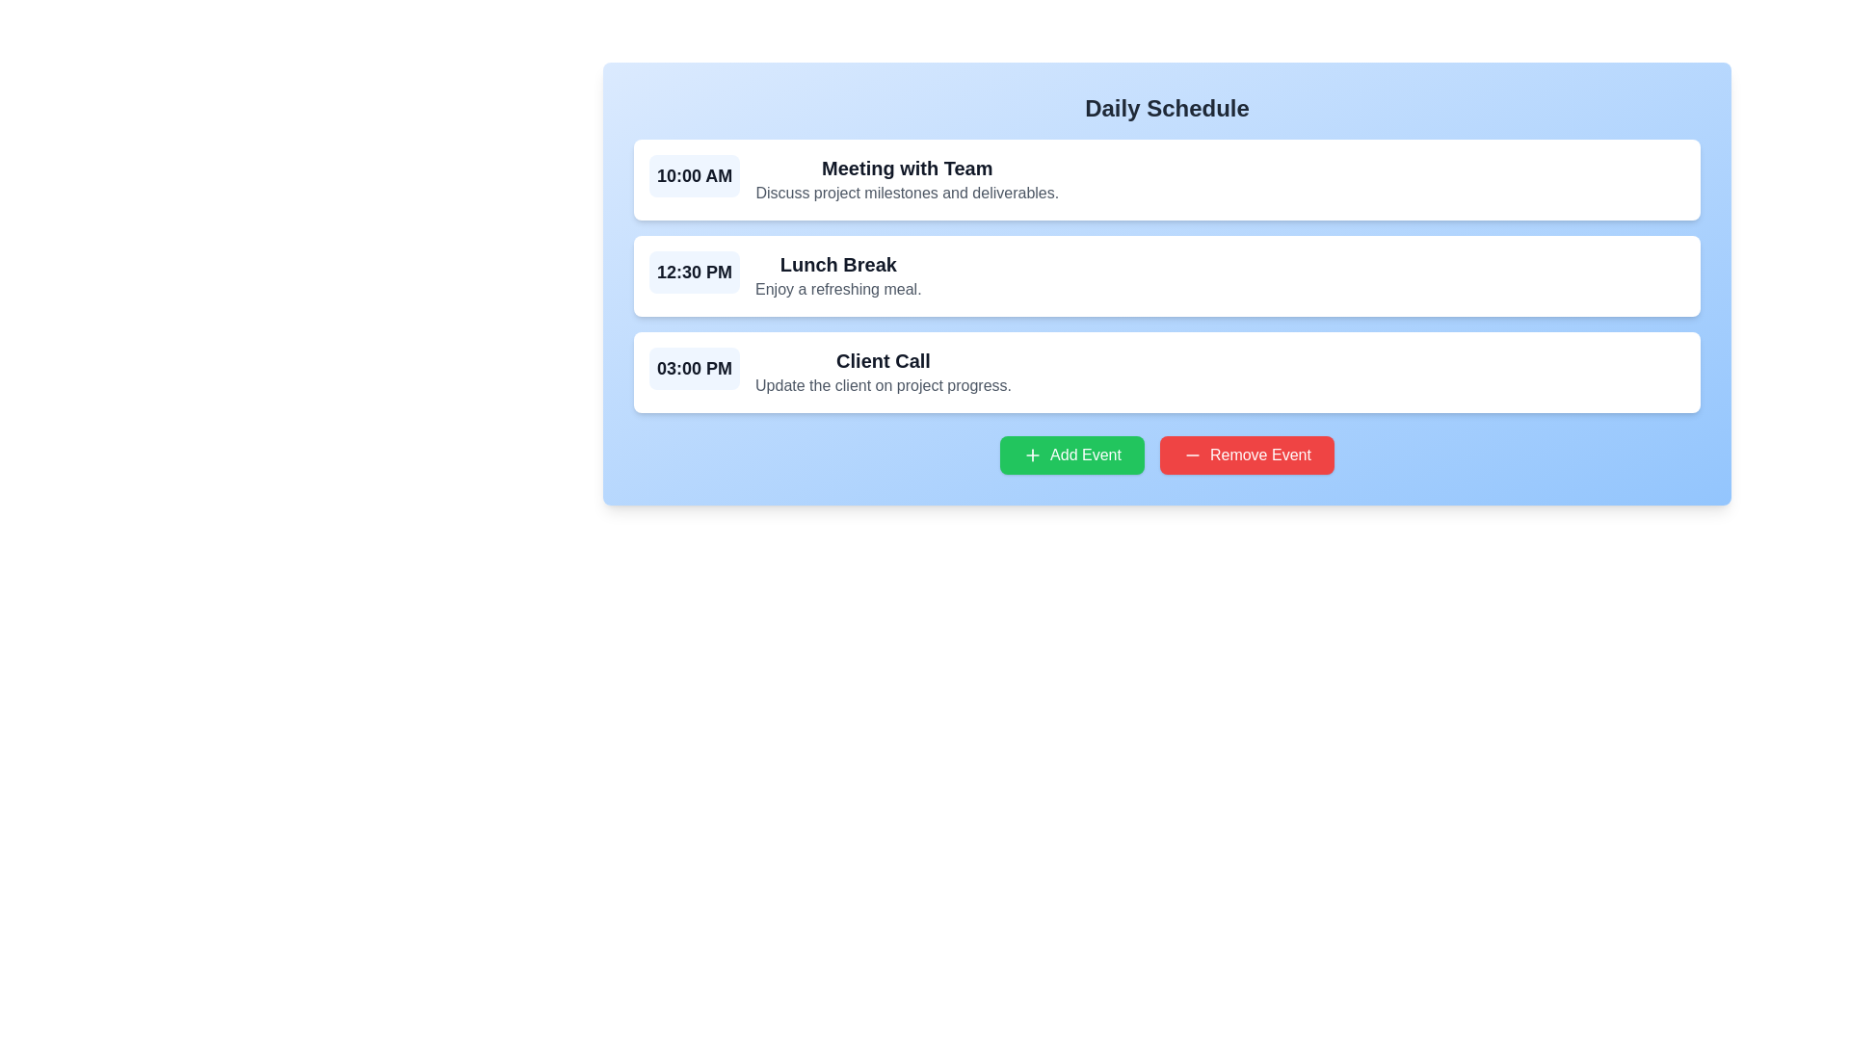 The height and width of the screenshot is (1040, 1850). Describe the element at coordinates (838, 275) in the screenshot. I see `the Text component titled 'Lunch Break' which has a subtitle 'Enjoy a refreshing meal.' positioned in the second event block of the 'Daily Schedule' interface, right of the time indicator '12:30 PM'` at that location.